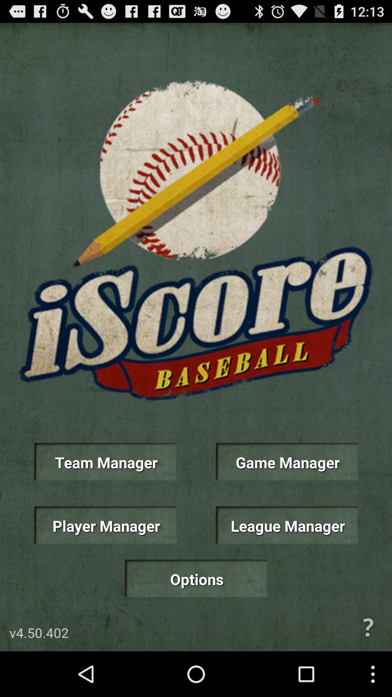 The height and width of the screenshot is (697, 392). I want to click on the button above the options icon, so click(105, 525).